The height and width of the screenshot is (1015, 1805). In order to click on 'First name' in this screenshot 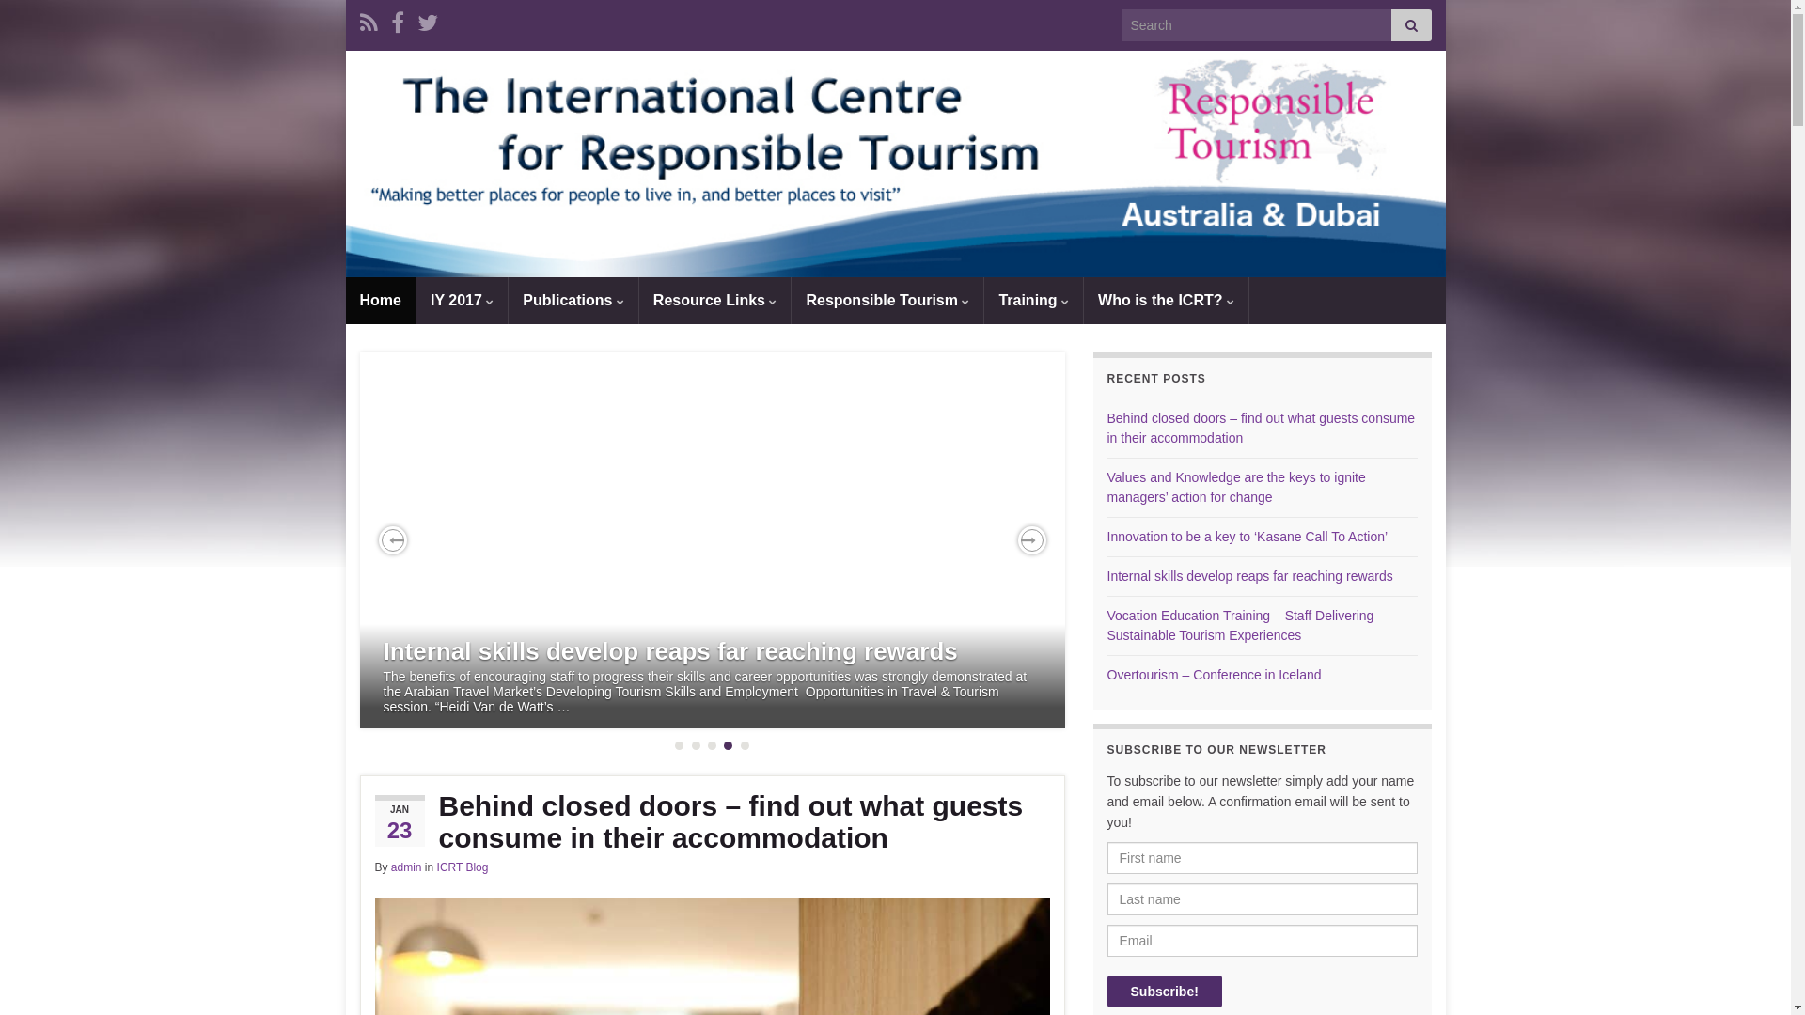, I will do `click(1263, 858)`.